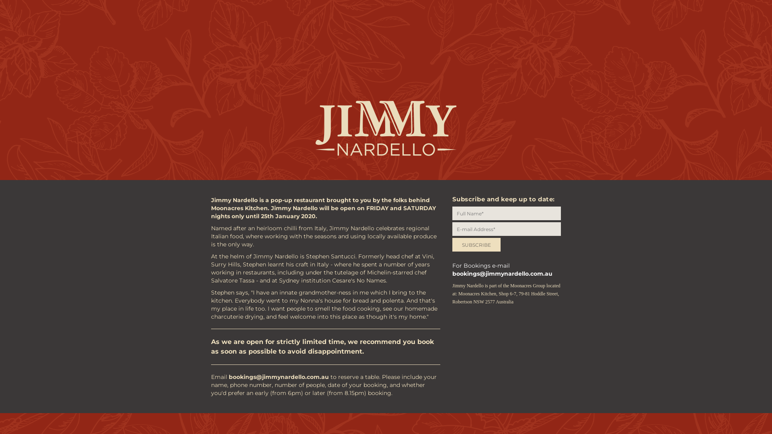  I want to click on 'SUBSCRIBE', so click(476, 244).